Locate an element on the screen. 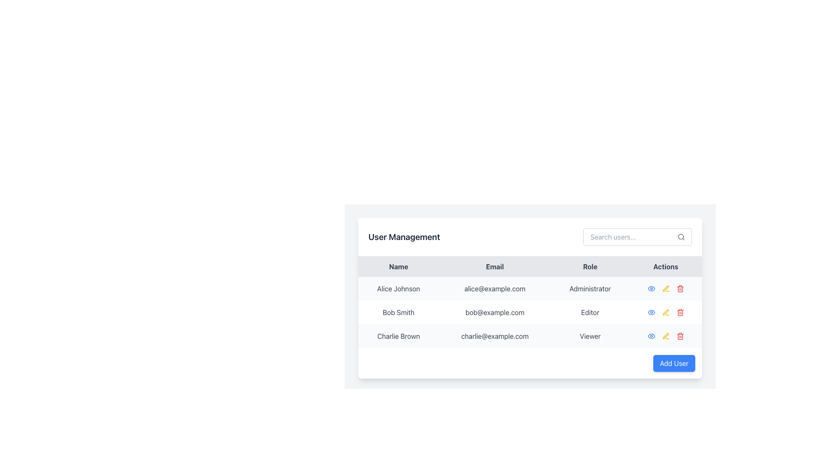  the eye-shaped icon button with a blue color scheme located in the 'Actions' column of the first user row in the user management interface to potentially display a tooltip is located at coordinates (651, 336).